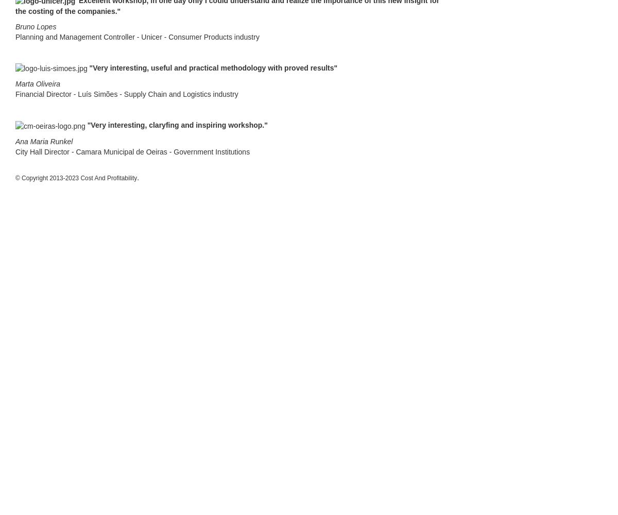 The height and width of the screenshot is (515, 618). What do you see at coordinates (177, 125) in the screenshot?
I see `'"Very interesting, claryfing and inspiring workshop."'` at bounding box center [177, 125].